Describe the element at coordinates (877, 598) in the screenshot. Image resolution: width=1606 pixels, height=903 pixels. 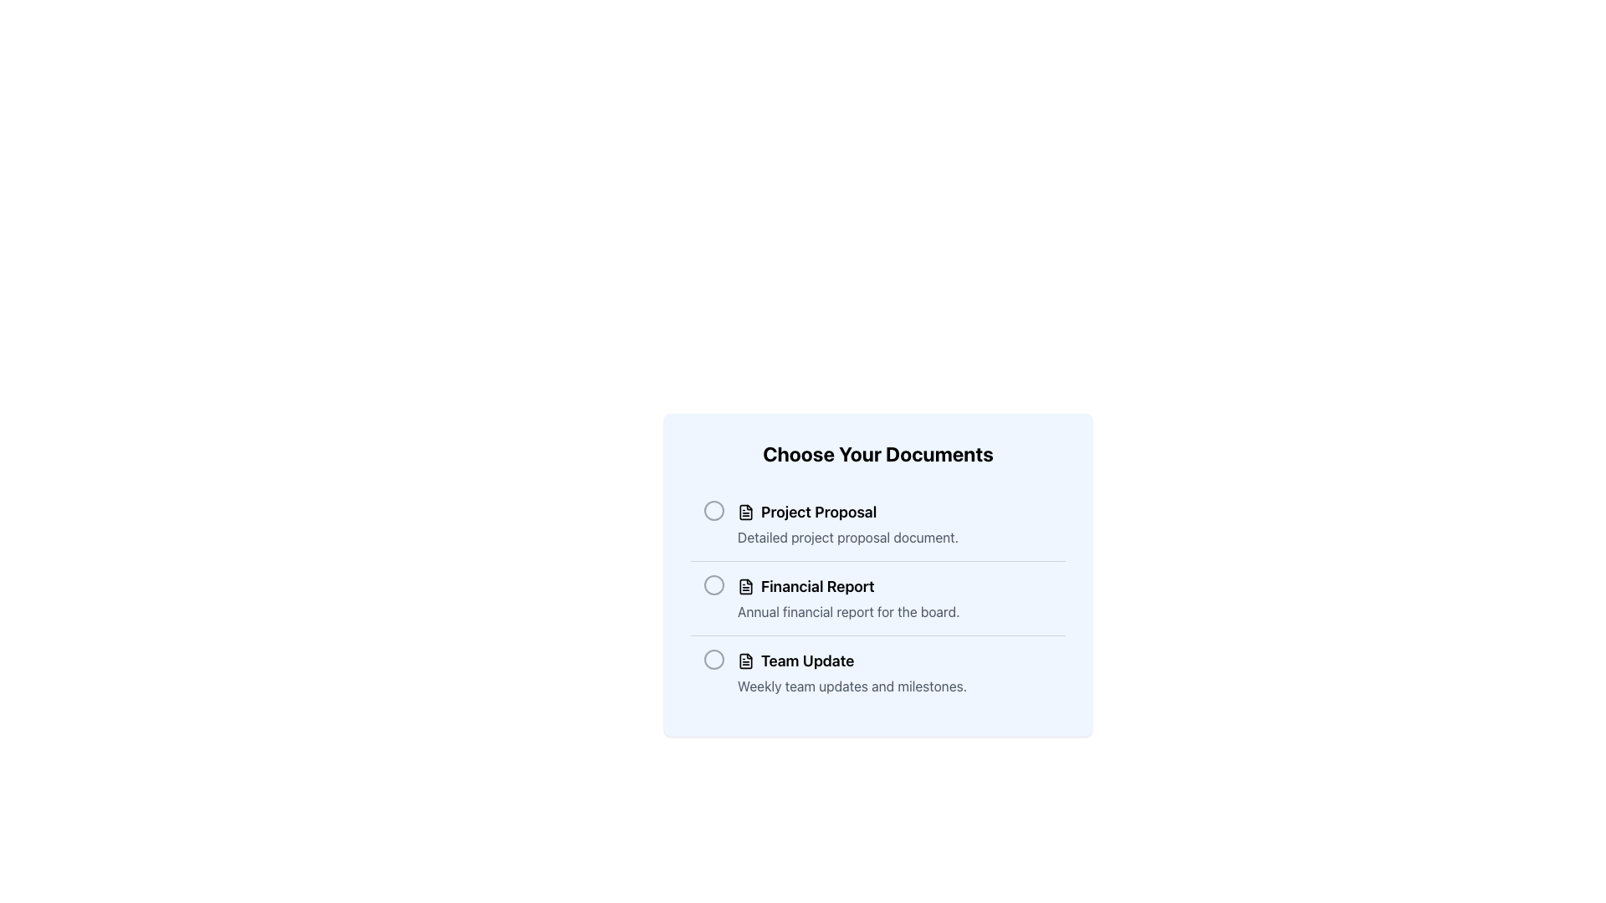
I see `the label for the 'Financial Report' option in the selectable list` at that location.